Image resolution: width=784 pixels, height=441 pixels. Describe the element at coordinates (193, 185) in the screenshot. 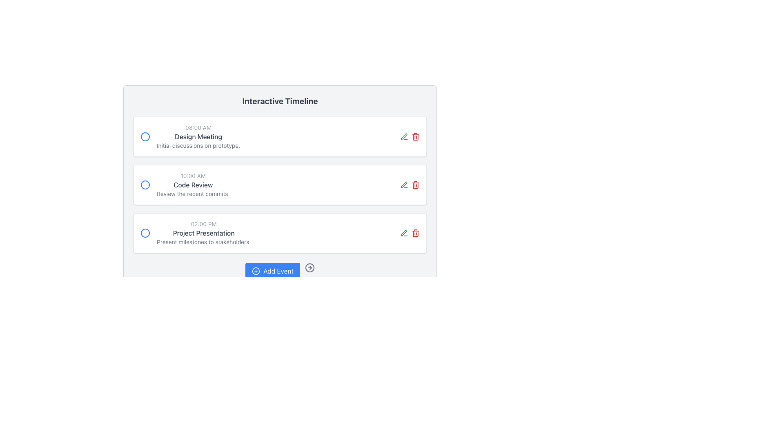

I see `the Text Label that serves as the title for the 'Code Review' event at 10:00 AM, located in the timeline interface` at that location.